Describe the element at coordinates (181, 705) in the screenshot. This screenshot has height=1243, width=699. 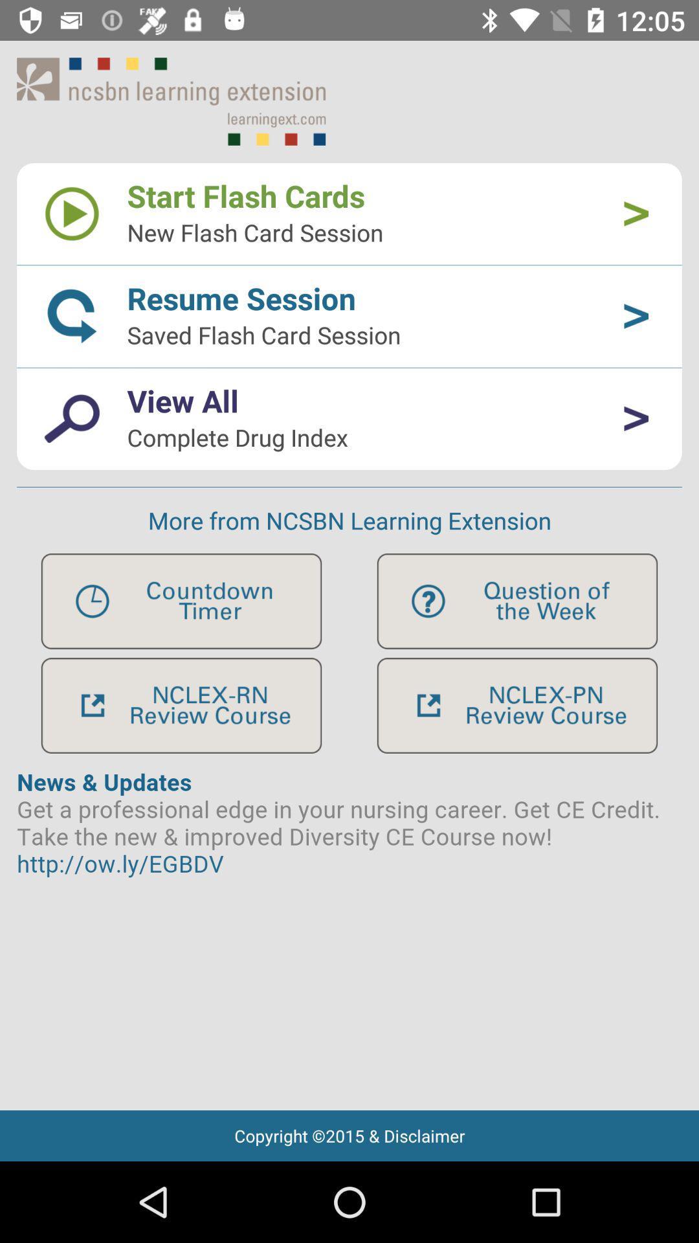
I see `nclex-rn review course` at that location.